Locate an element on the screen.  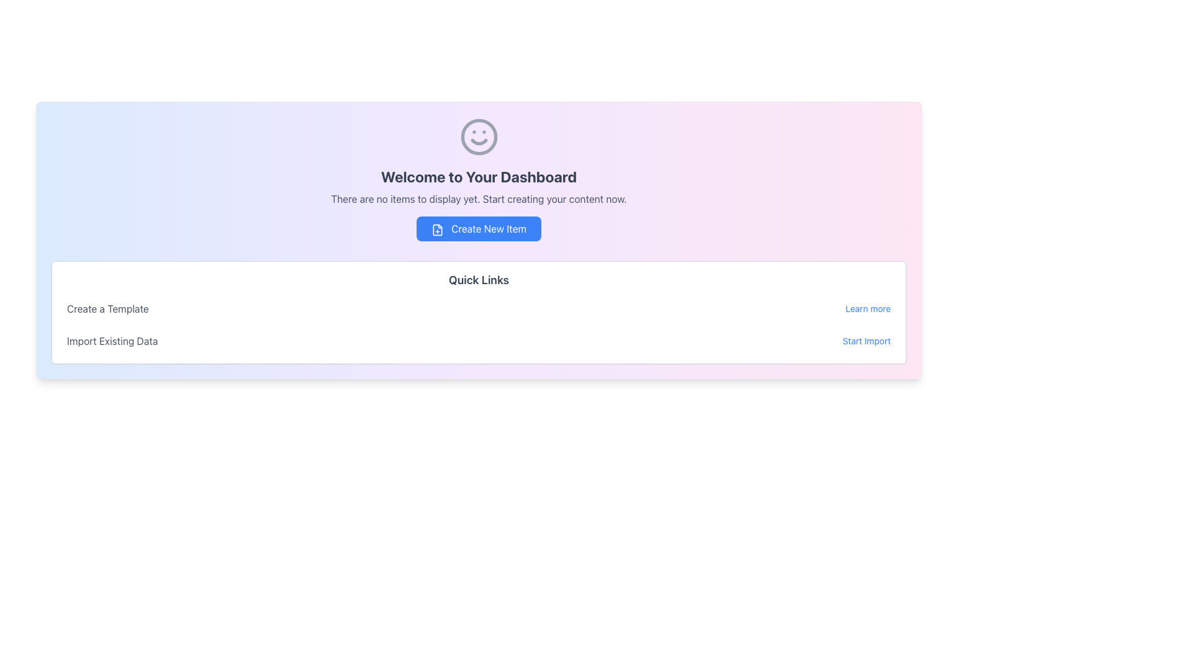
file icon with a plus symbol located at the center of the 'Create New Item' button for debugging purposes is located at coordinates (438, 230).